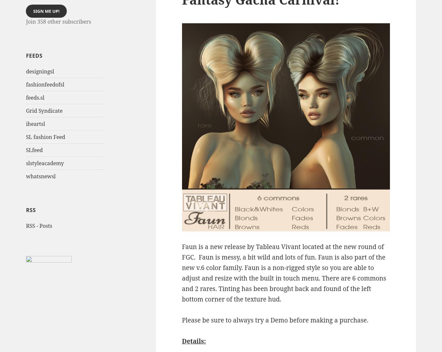 This screenshot has width=442, height=352. I want to click on 'Details:', so click(193, 341).